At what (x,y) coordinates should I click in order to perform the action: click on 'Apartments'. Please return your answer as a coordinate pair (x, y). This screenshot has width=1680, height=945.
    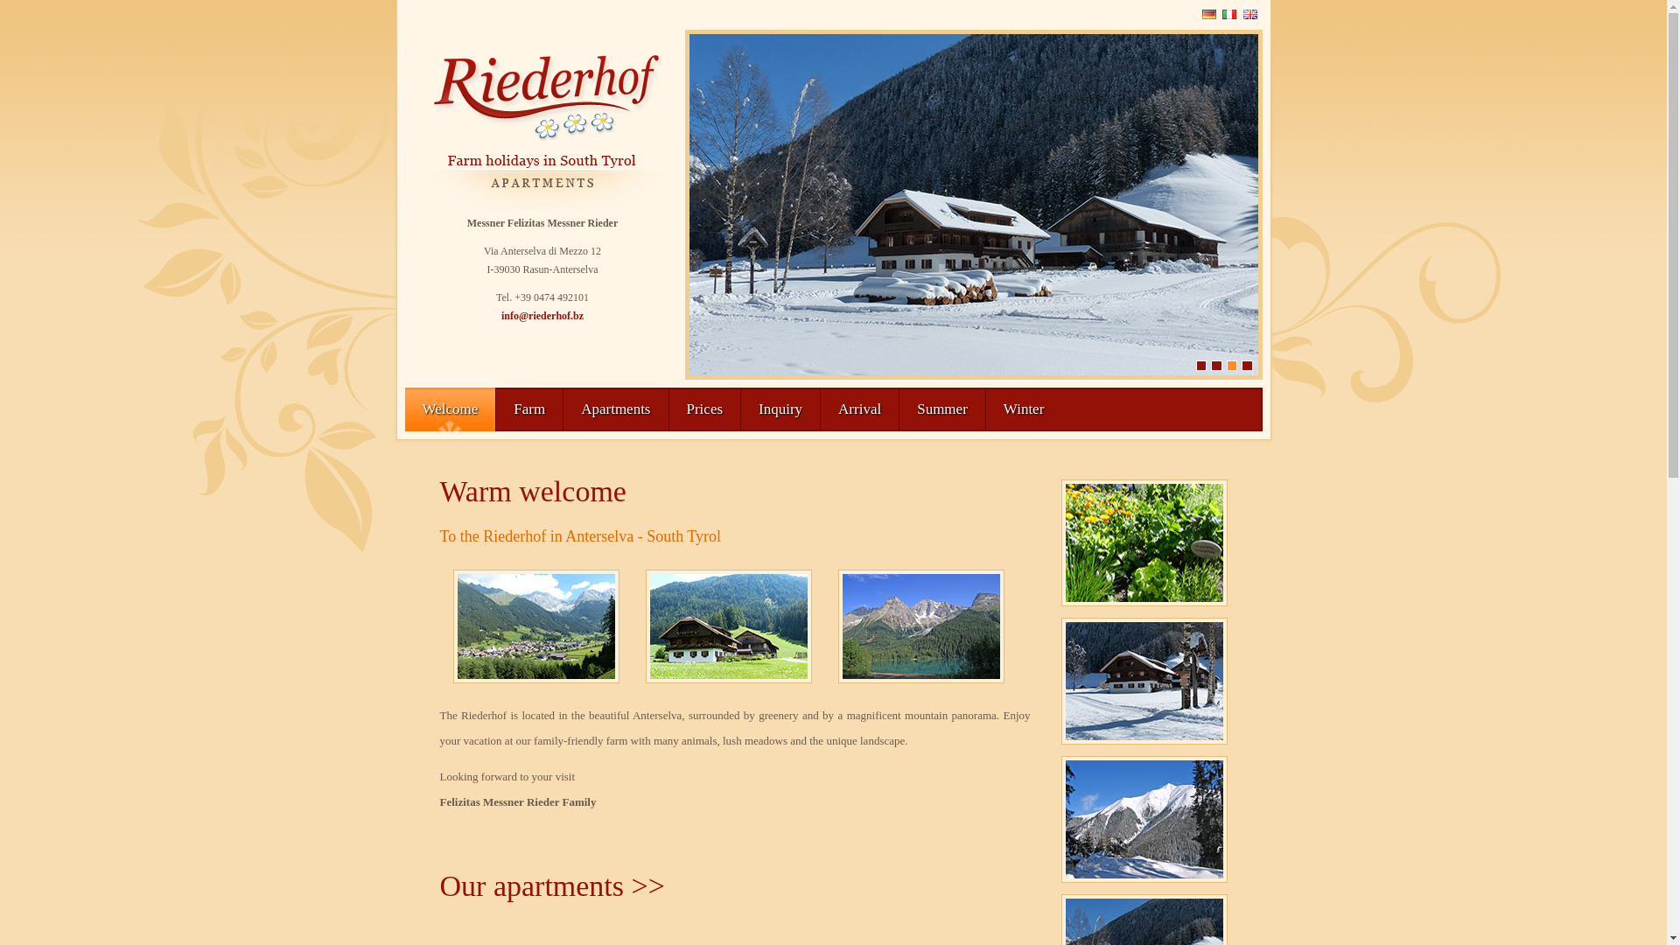
    Looking at the image, I should click on (615, 409).